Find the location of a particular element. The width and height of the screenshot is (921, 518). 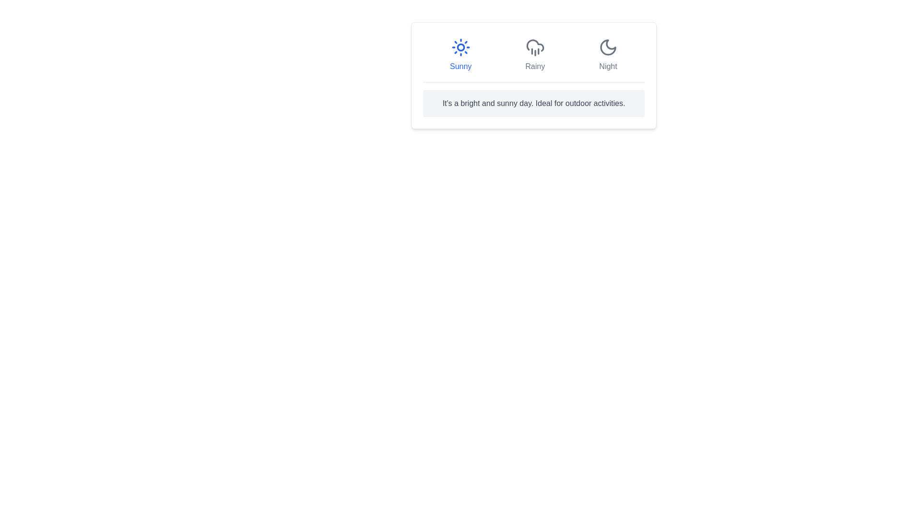

the Rainy tab is located at coordinates (534, 55).